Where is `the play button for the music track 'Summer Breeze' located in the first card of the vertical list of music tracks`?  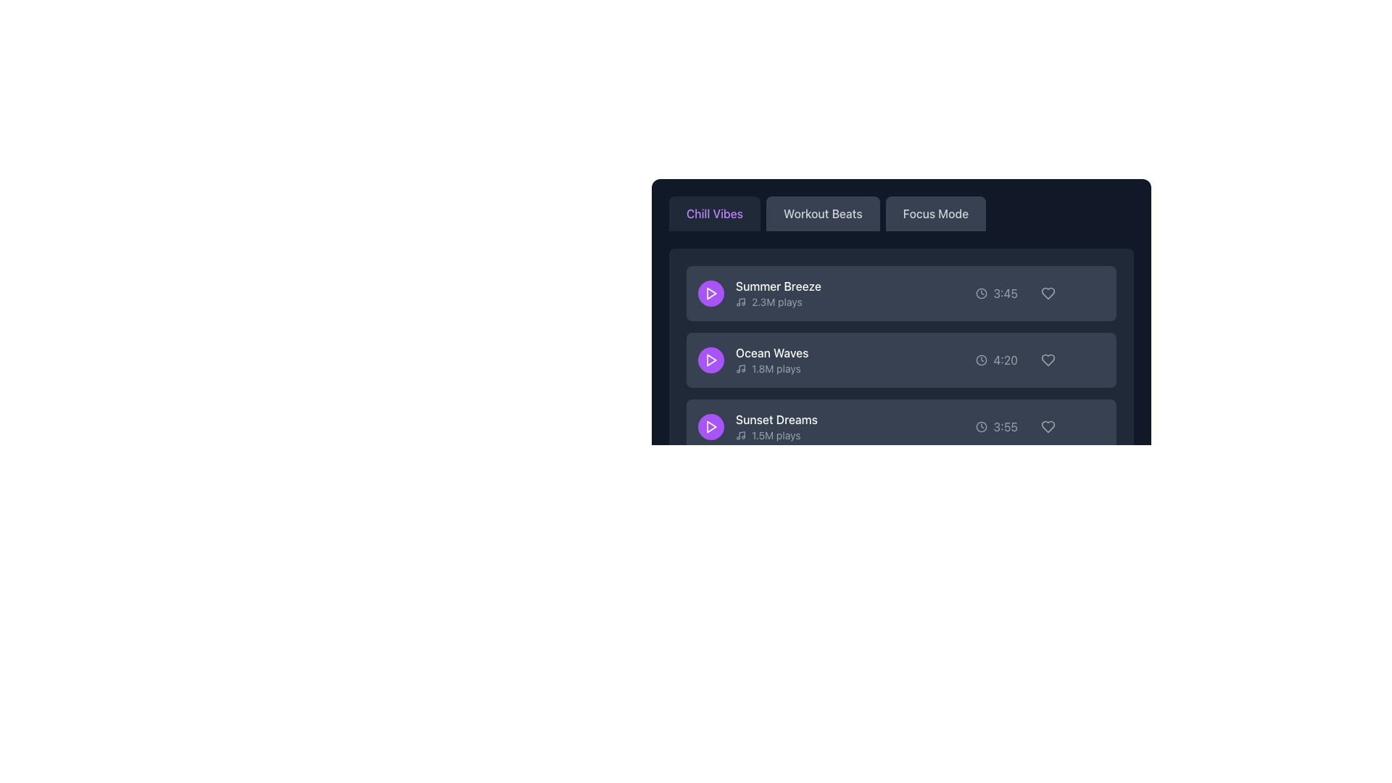
the play button for the music track 'Summer Breeze' located in the first card of the vertical list of music tracks is located at coordinates (711, 294).